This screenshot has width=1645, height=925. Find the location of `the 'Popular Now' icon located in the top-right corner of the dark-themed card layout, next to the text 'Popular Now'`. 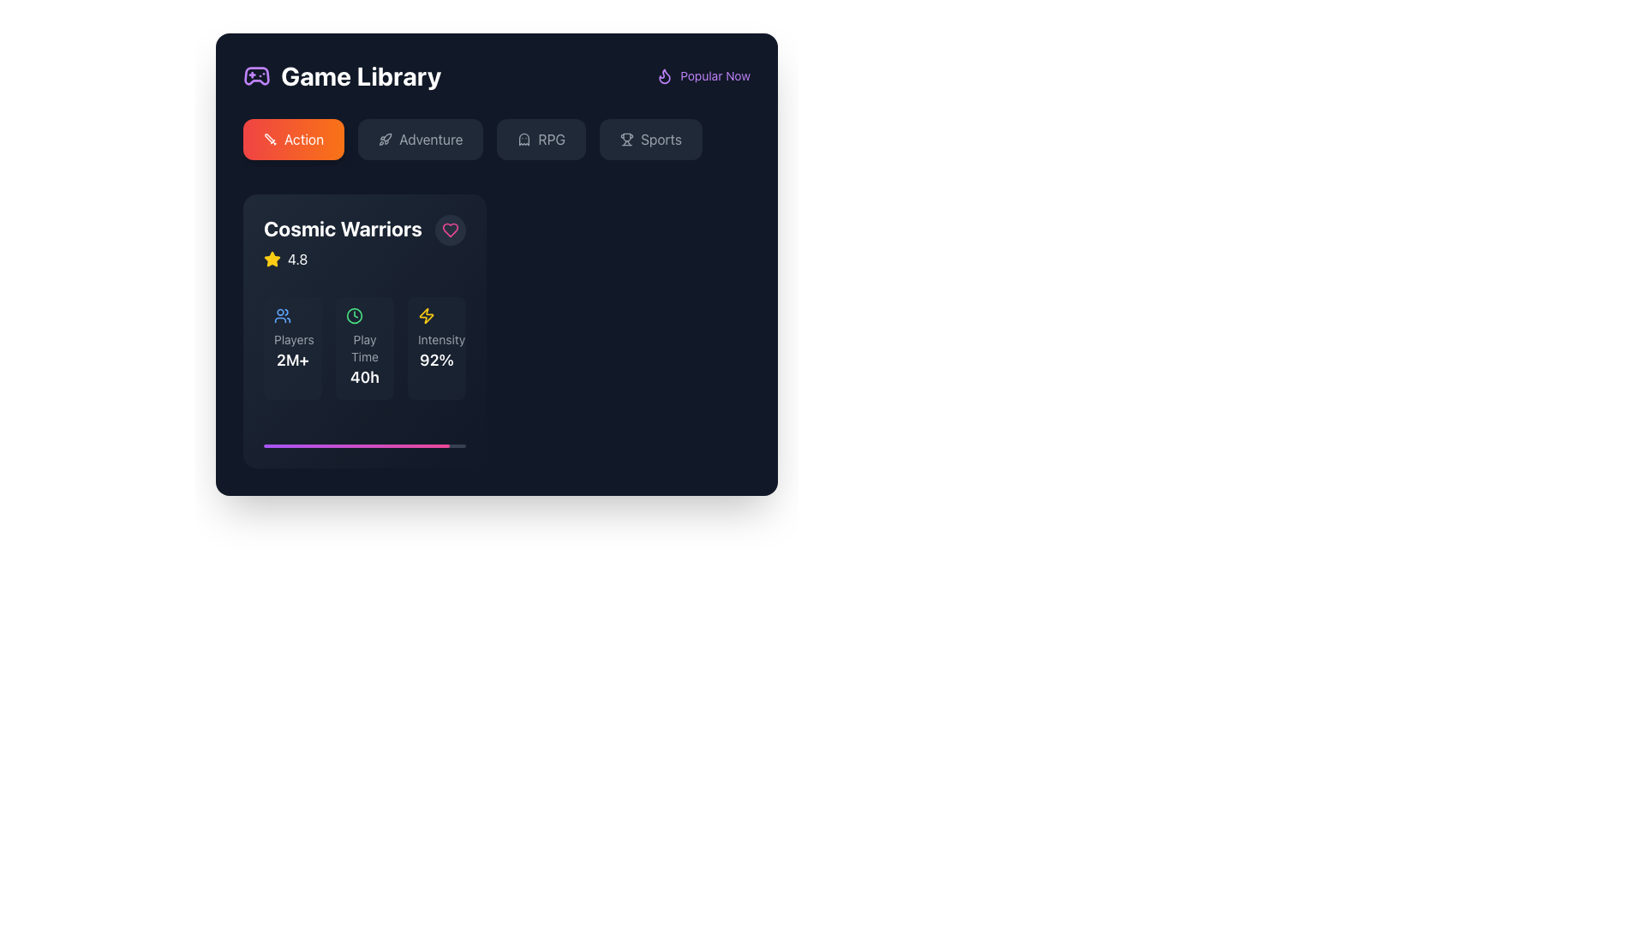

the 'Popular Now' icon located in the top-right corner of the dark-themed card layout, next to the text 'Popular Now' is located at coordinates (664, 75).